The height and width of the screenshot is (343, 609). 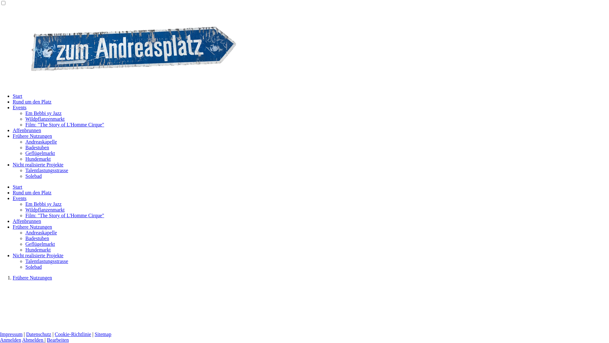 I want to click on 'Rund um den Platz', so click(x=31, y=101).